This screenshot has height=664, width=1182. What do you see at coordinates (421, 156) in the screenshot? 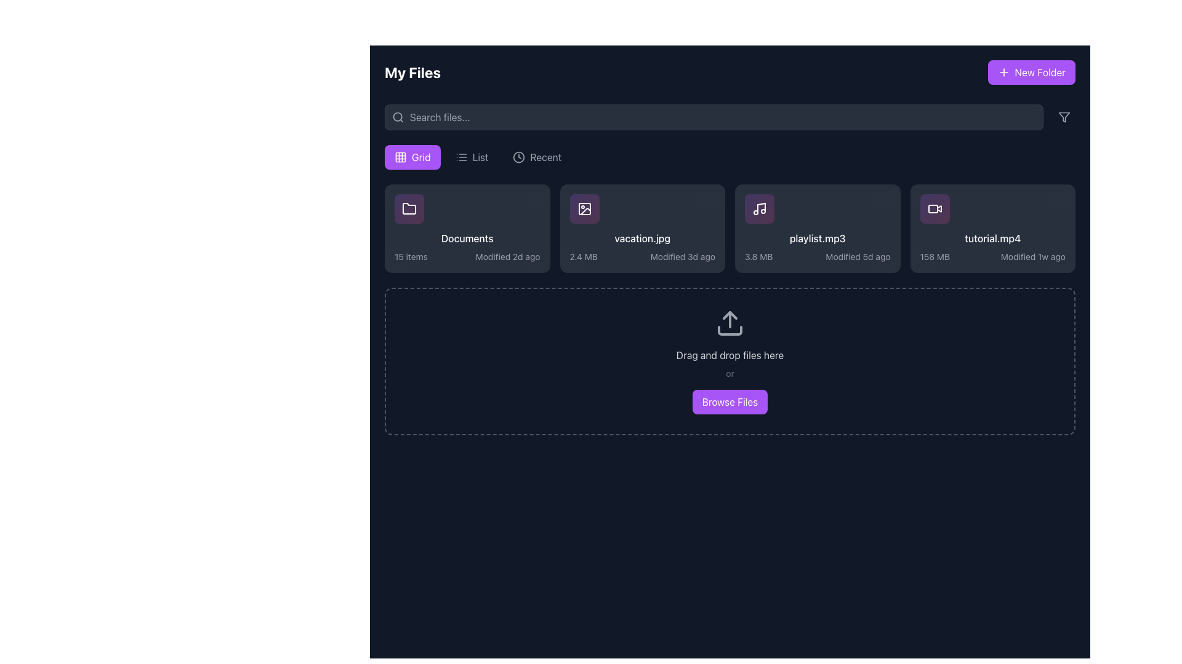
I see `the 'Grid' button which is a purple rectangular button with rounded corners displaying the text 'Grid' in white font, located at the top section of the interface for navigation` at bounding box center [421, 156].